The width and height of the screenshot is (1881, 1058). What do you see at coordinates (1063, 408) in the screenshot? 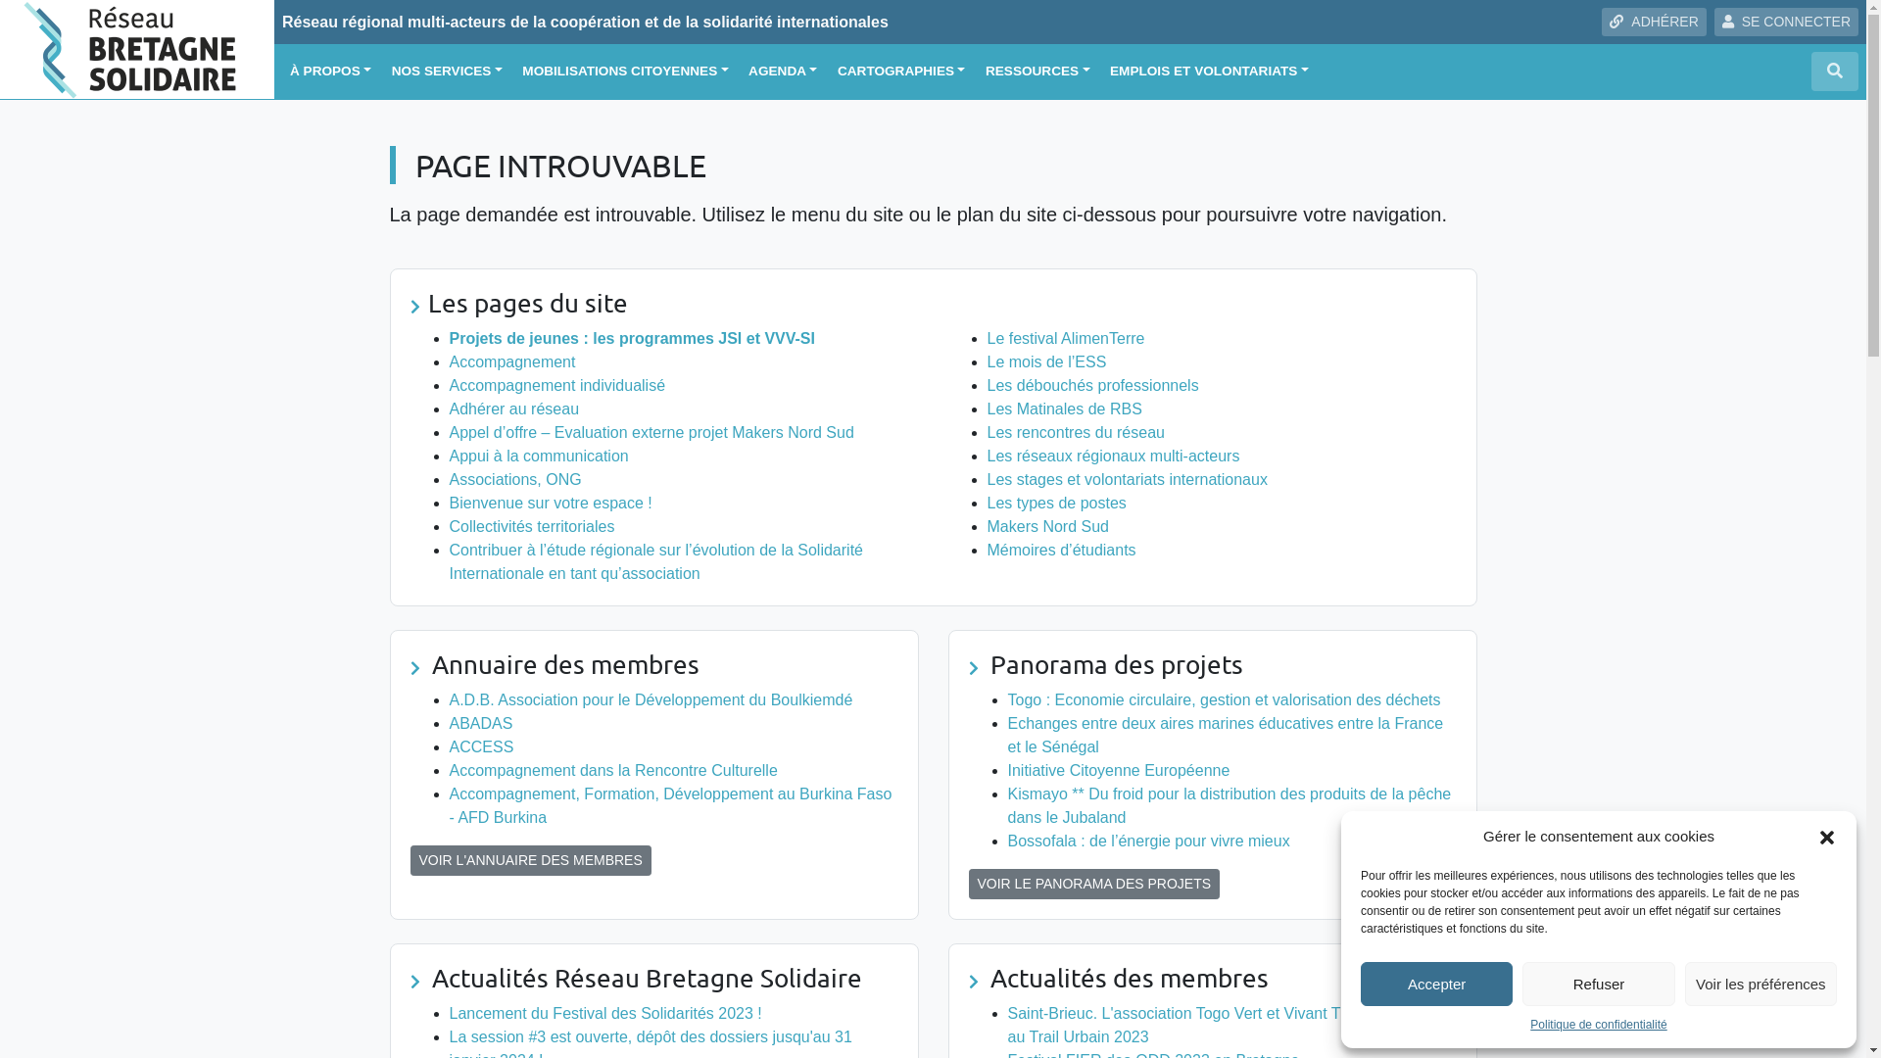
I see `'Les Matinales de RBS'` at bounding box center [1063, 408].